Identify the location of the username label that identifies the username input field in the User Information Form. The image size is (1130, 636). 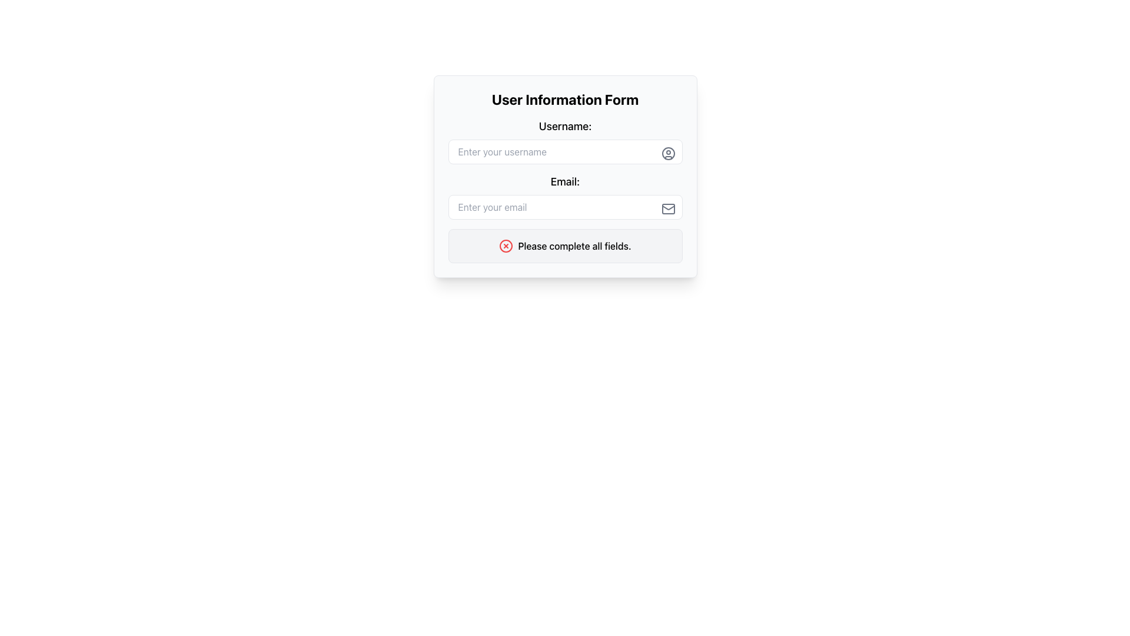
(565, 127).